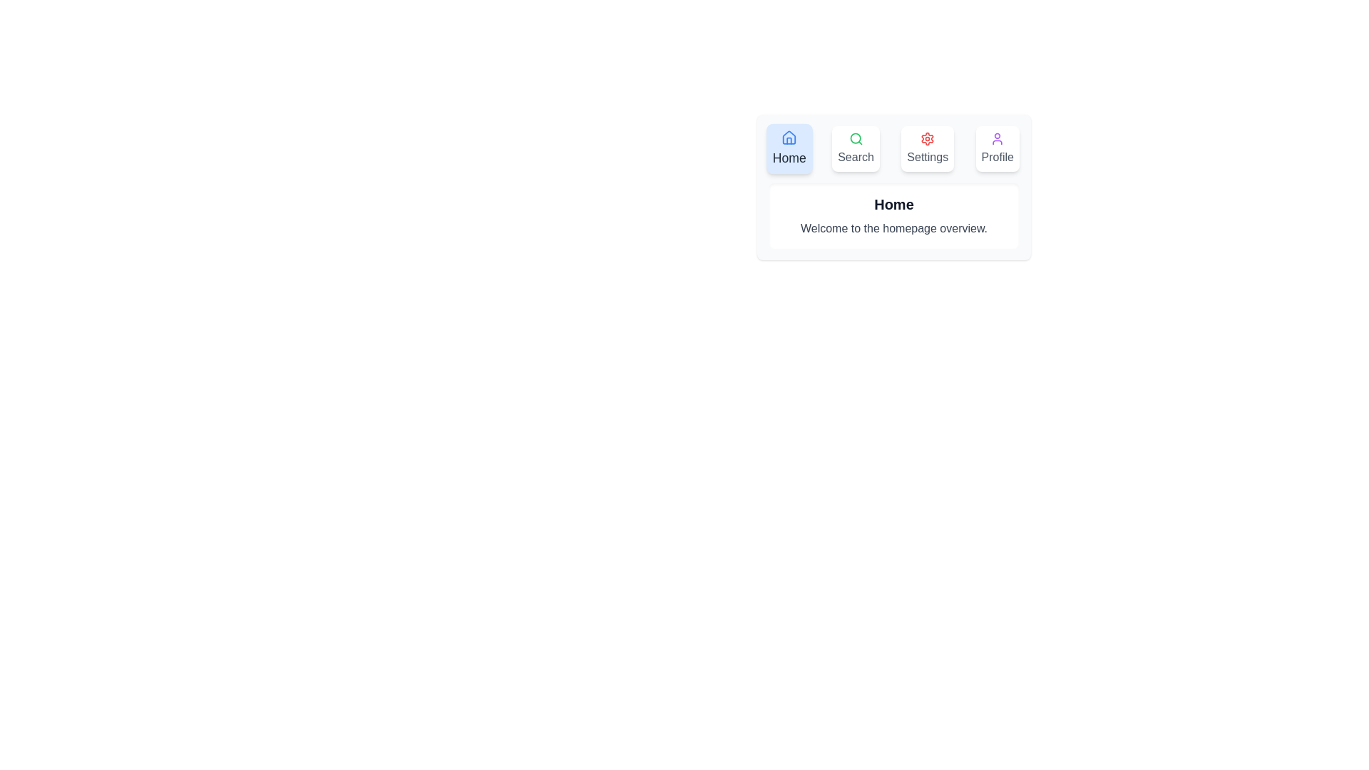  Describe the element at coordinates (928, 148) in the screenshot. I see `the tab labeled Settings to observe its hover effect` at that location.